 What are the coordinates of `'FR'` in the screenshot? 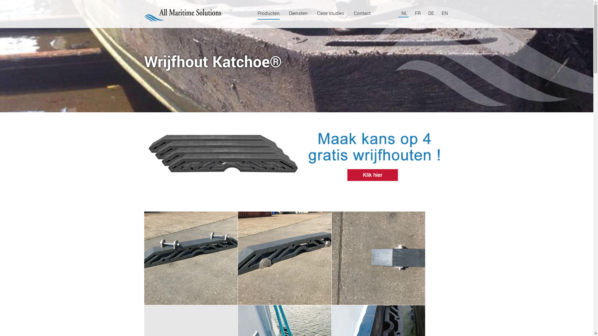 It's located at (415, 13).